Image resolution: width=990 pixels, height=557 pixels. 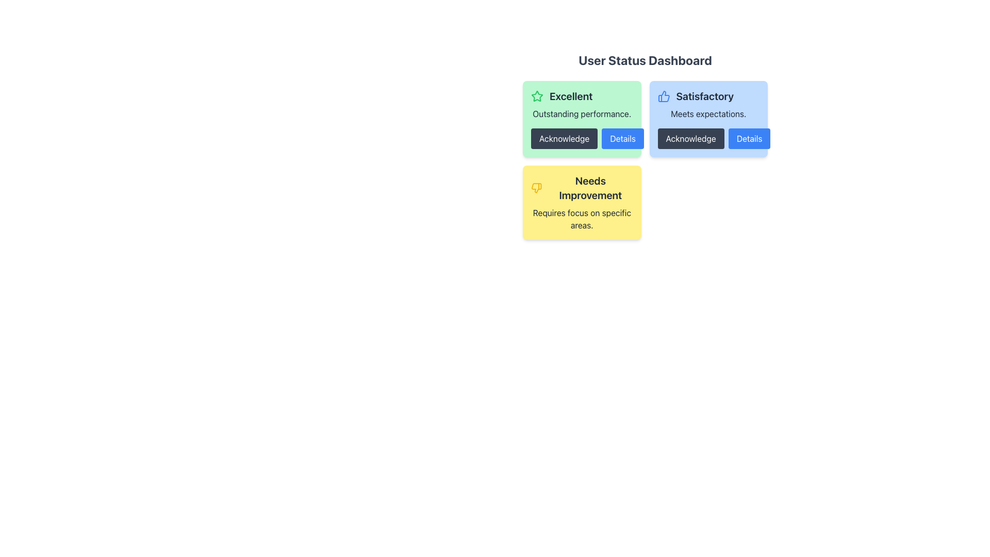 I want to click on the star icon located in the green-highlighted box labeled 'Excellent' in the top-left quadrant of the interface, so click(x=536, y=96).